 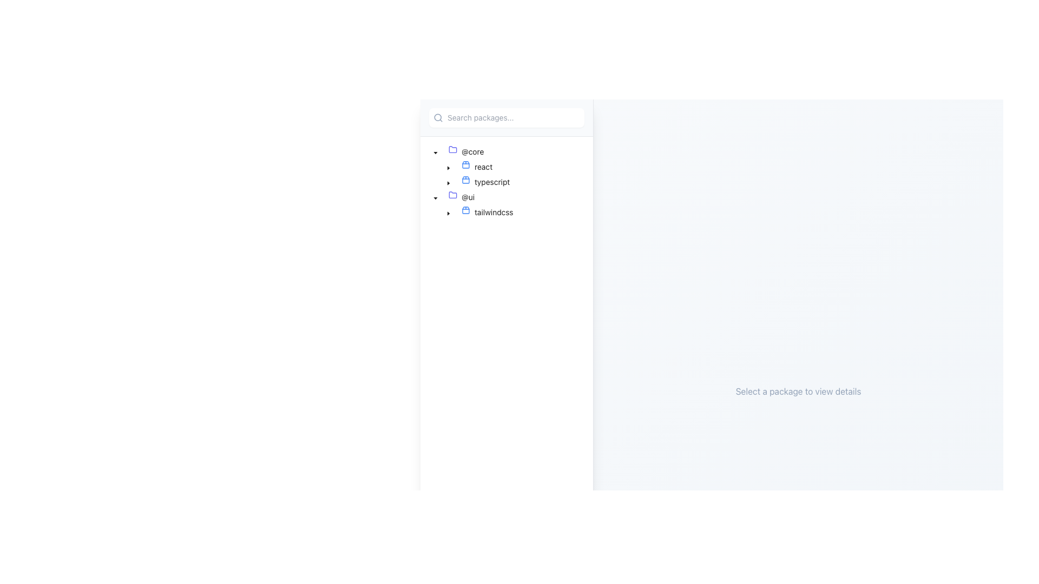 What do you see at coordinates (452, 150) in the screenshot?
I see `the folder icon representing the '@core' directory in the left sidebar` at bounding box center [452, 150].